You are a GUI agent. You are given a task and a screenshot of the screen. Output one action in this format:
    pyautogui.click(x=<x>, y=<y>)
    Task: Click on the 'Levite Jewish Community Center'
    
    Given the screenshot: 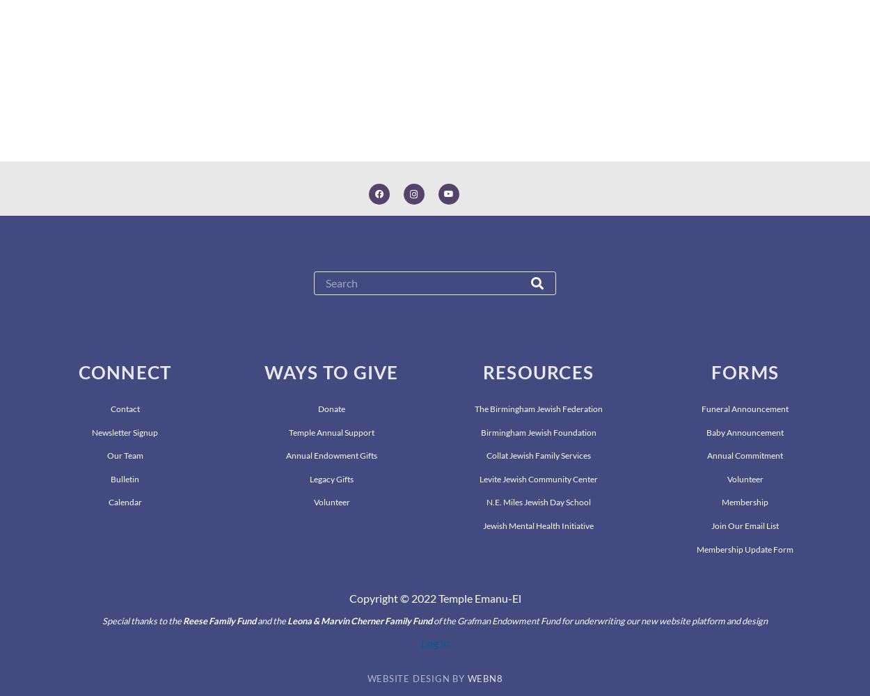 What is the action you would take?
    pyautogui.click(x=537, y=478)
    